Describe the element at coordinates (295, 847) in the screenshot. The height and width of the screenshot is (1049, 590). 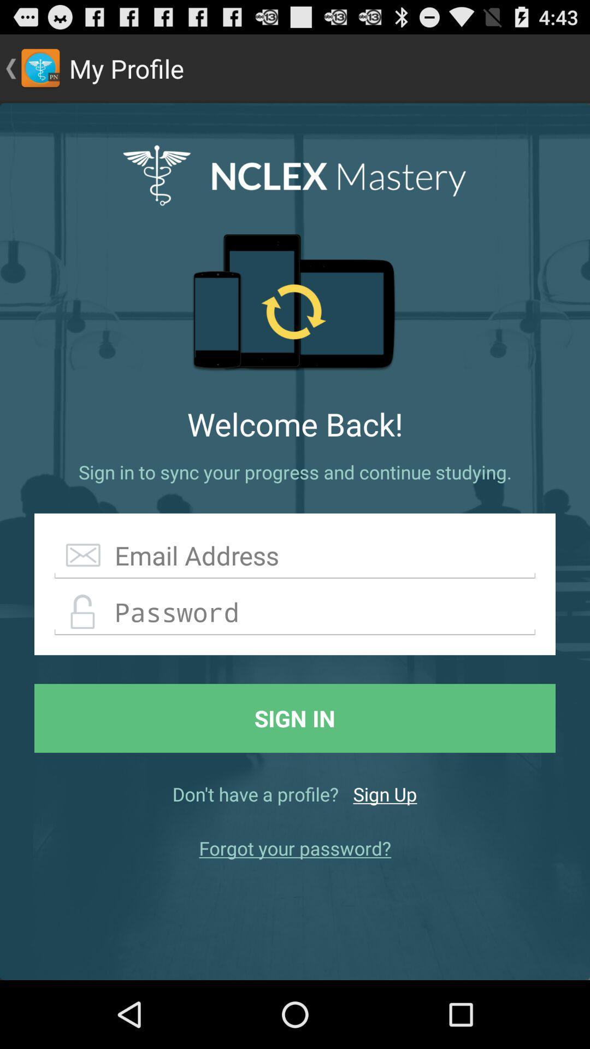
I see `forgot your password? icon` at that location.